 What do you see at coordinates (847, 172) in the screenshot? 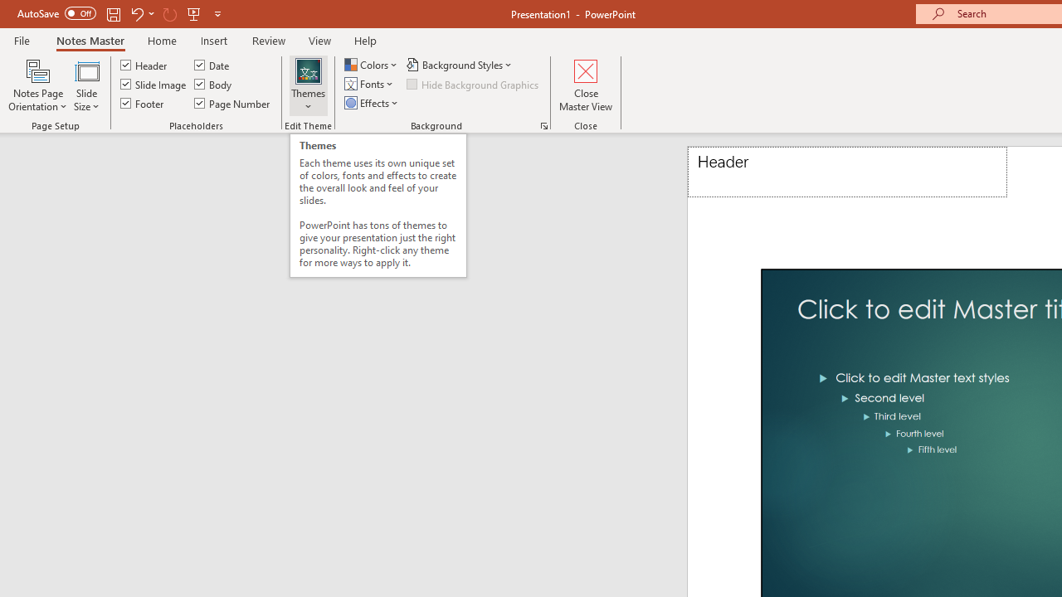
I see `'Header'` at bounding box center [847, 172].